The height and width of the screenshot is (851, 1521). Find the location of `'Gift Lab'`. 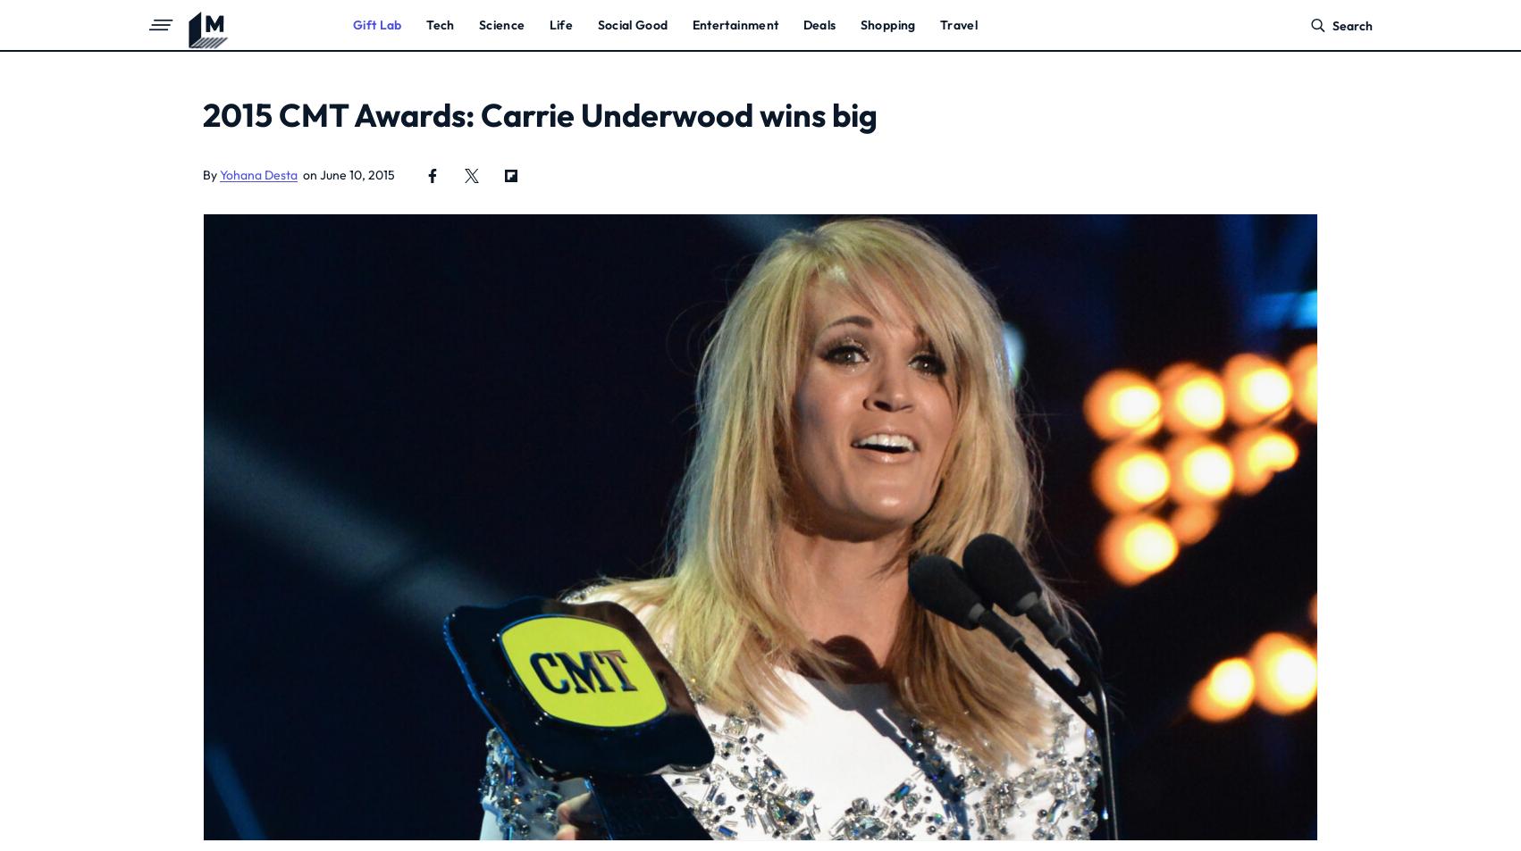

'Gift Lab' is located at coordinates (376, 24).